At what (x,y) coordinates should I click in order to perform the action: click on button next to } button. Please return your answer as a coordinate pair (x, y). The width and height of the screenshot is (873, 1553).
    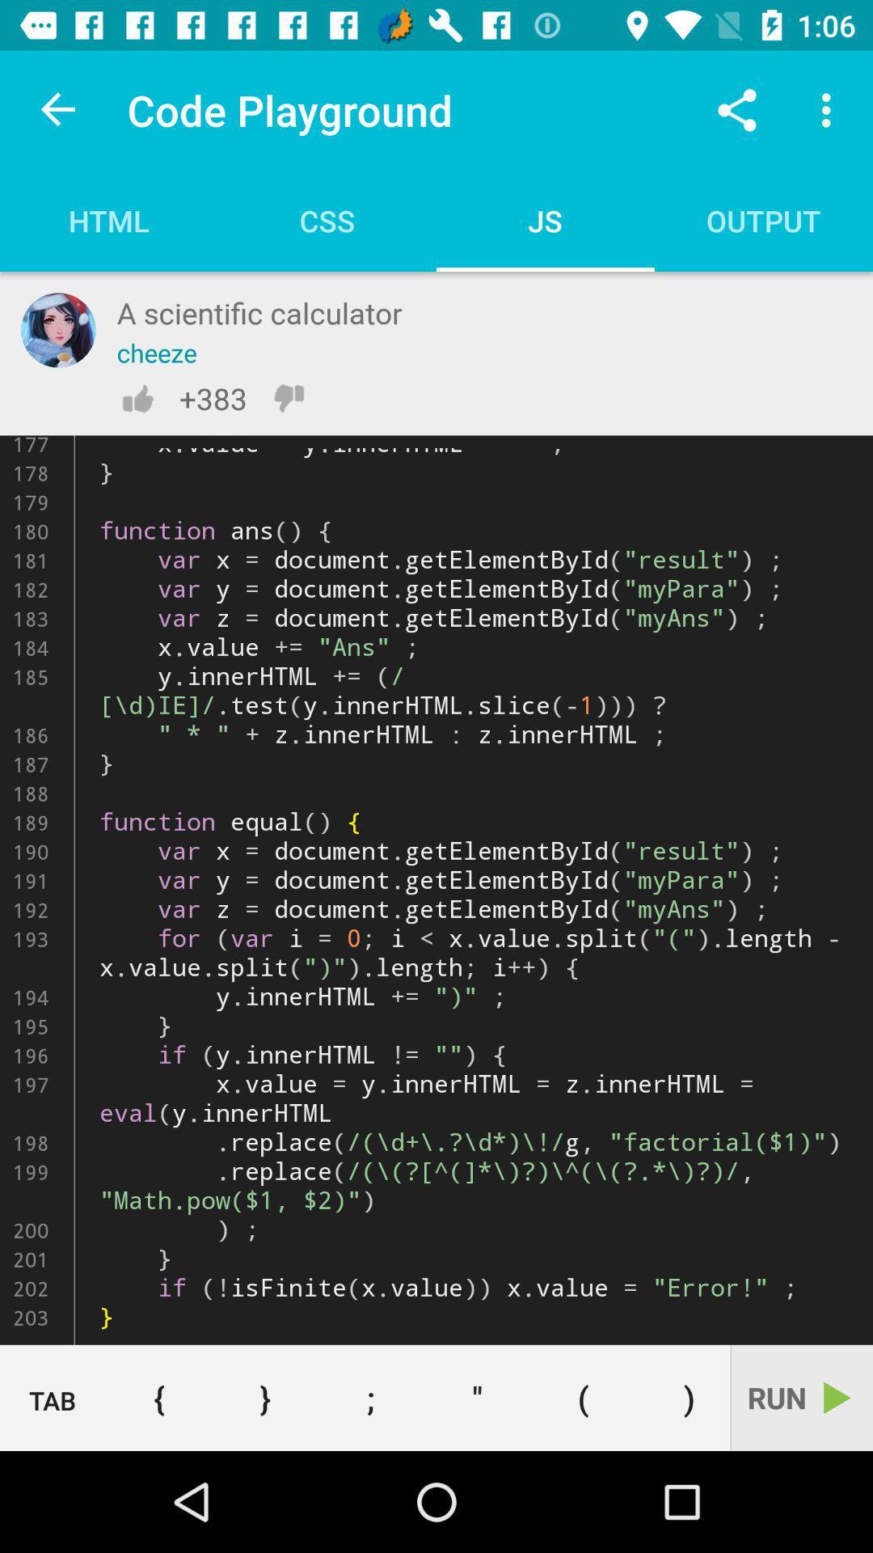
    Looking at the image, I should click on (158, 1397).